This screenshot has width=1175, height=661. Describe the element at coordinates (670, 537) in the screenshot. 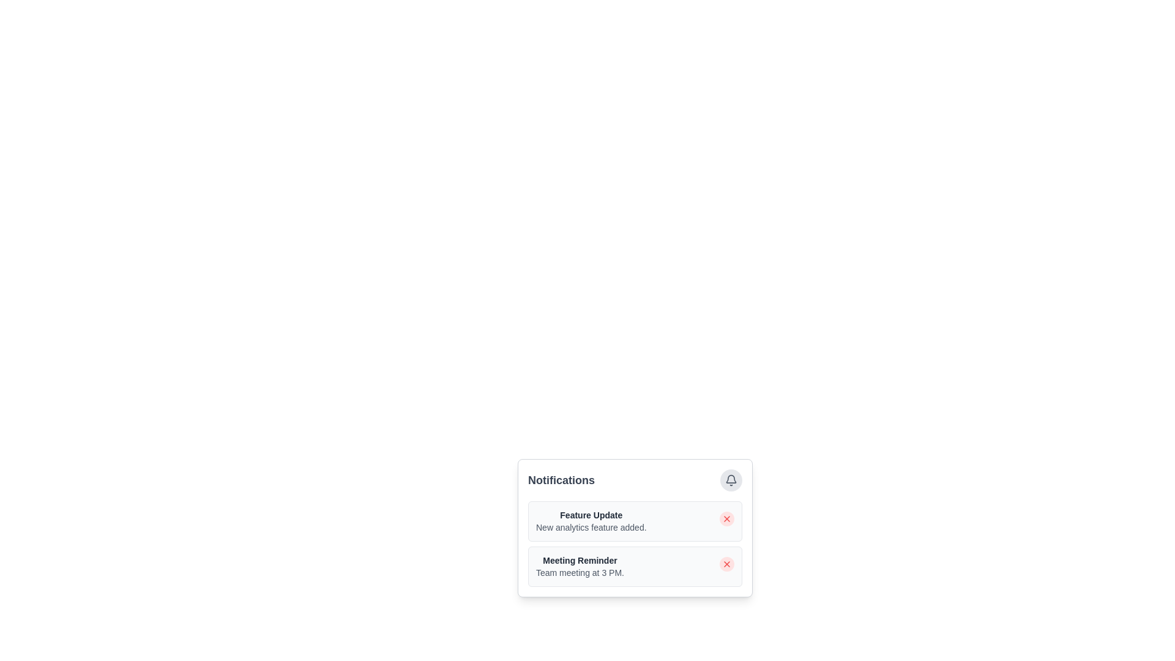

I see `the dismiss button on the first notification entry in the scrolling notification panel located in the bottom-right corner of the viewport` at that location.